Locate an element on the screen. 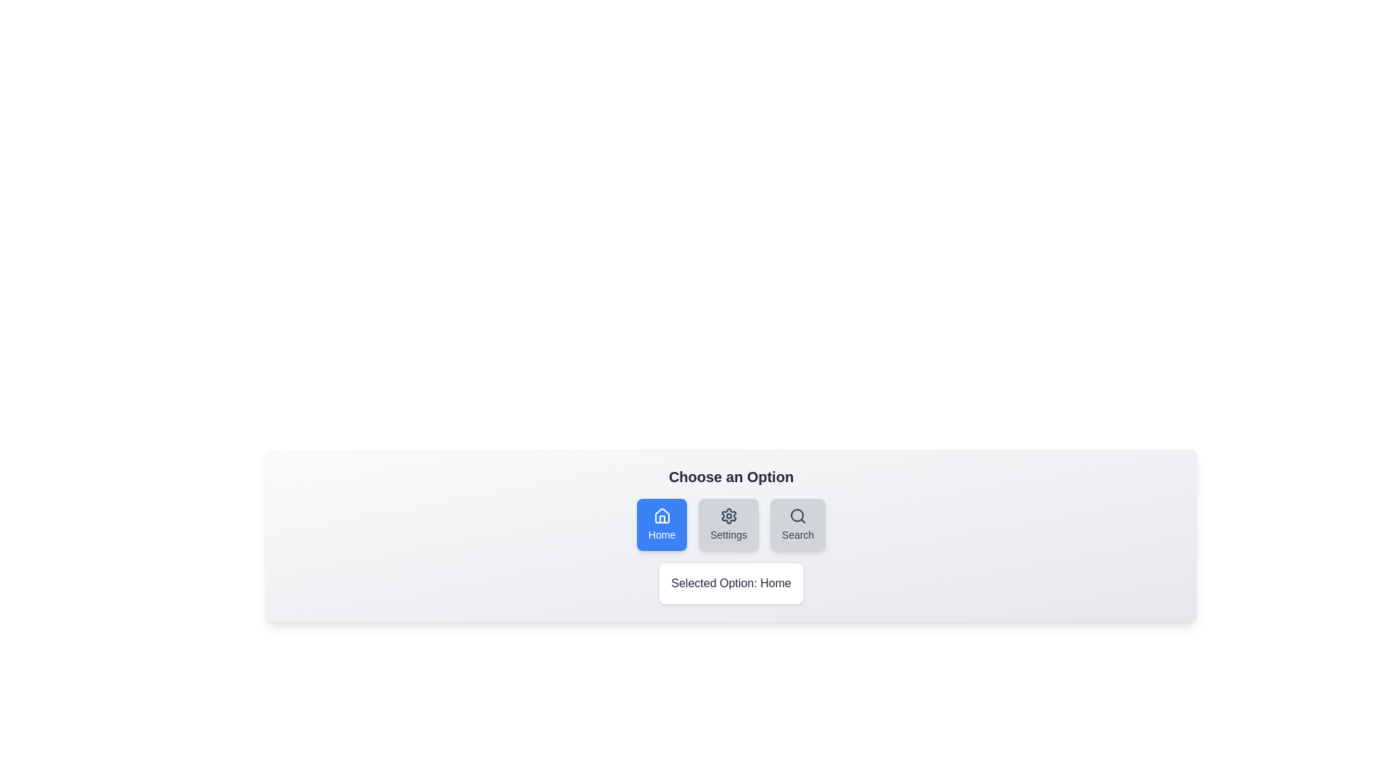  the option Search by clicking on its corresponding button is located at coordinates (797, 525).